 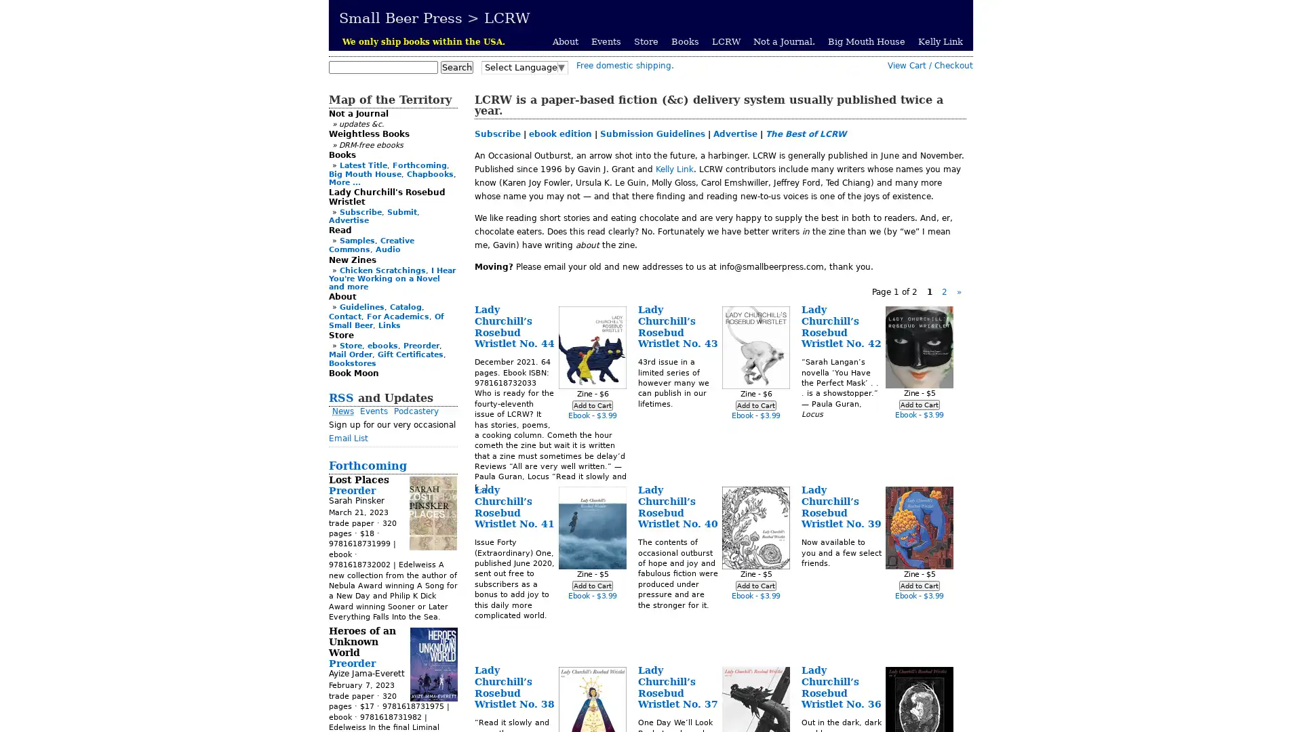 What do you see at coordinates (592, 404) in the screenshot?
I see `Add to Cart` at bounding box center [592, 404].